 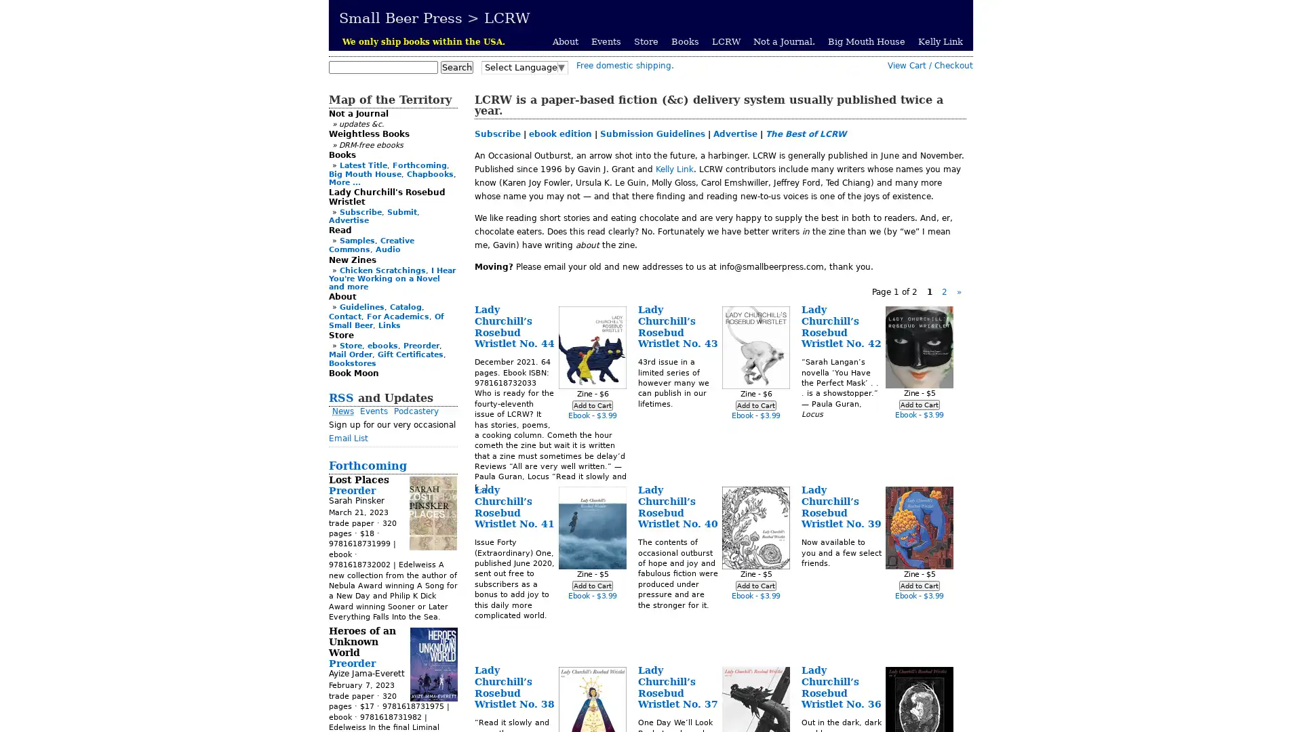 What do you see at coordinates (592, 404) in the screenshot?
I see `Add to Cart` at bounding box center [592, 404].